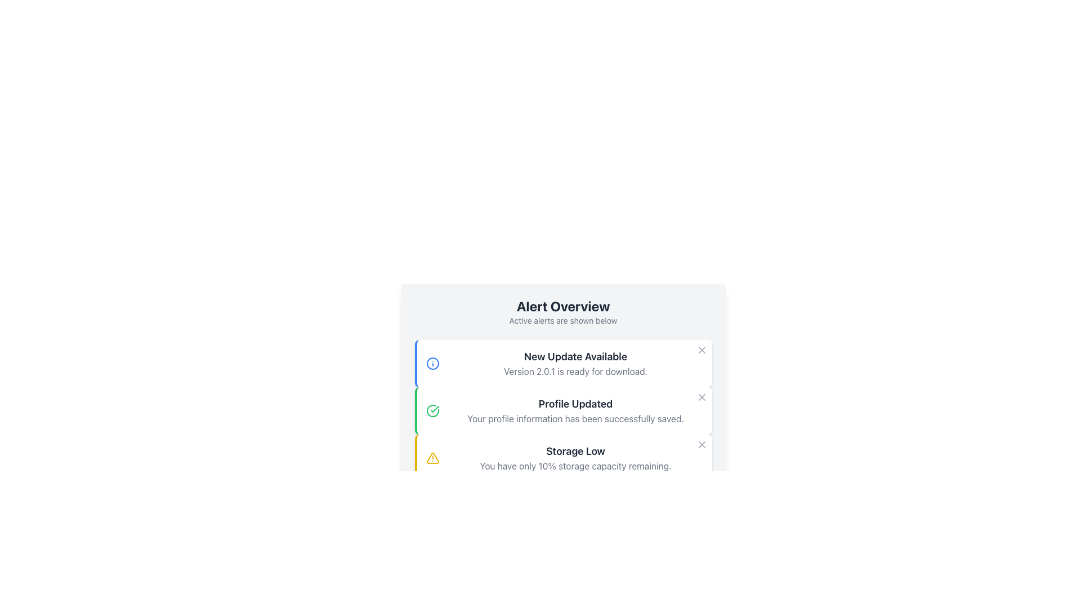 The height and width of the screenshot is (608, 1081). I want to click on the dismissal button located in the top-right corner of the 'Profile Updated' alert notification, so click(701, 396).